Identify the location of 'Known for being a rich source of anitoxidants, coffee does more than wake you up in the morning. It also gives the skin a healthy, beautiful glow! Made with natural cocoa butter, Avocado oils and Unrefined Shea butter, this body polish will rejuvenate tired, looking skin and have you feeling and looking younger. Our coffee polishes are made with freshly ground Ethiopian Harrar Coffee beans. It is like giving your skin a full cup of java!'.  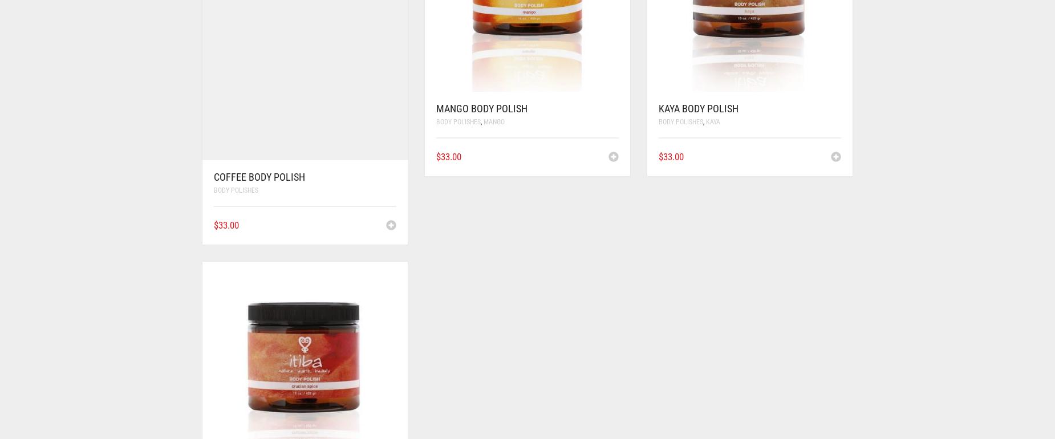
(676, 104).